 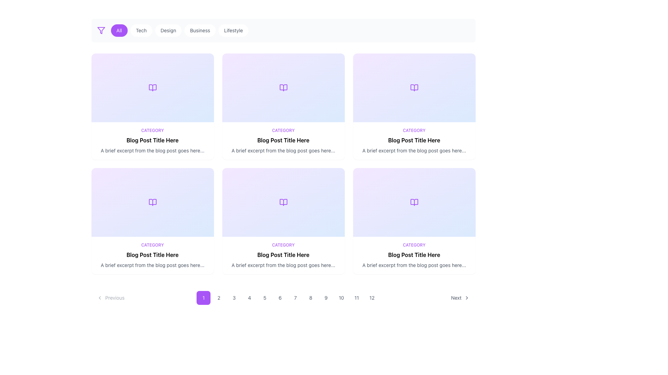 I want to click on the Card component located in the third row and first column of the grid layout, so click(x=152, y=221).